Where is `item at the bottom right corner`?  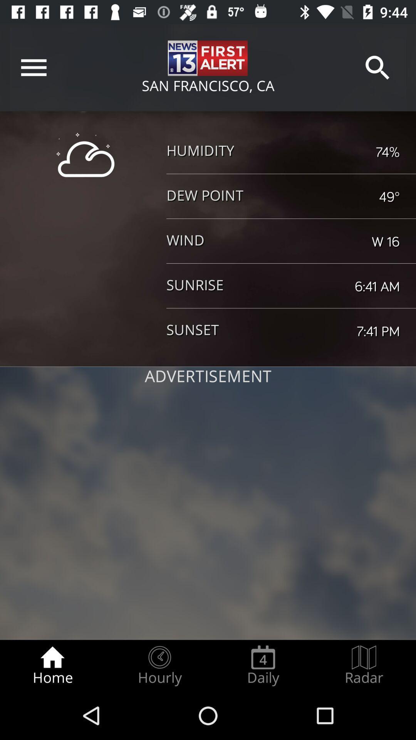
item at the bottom right corner is located at coordinates (364, 665).